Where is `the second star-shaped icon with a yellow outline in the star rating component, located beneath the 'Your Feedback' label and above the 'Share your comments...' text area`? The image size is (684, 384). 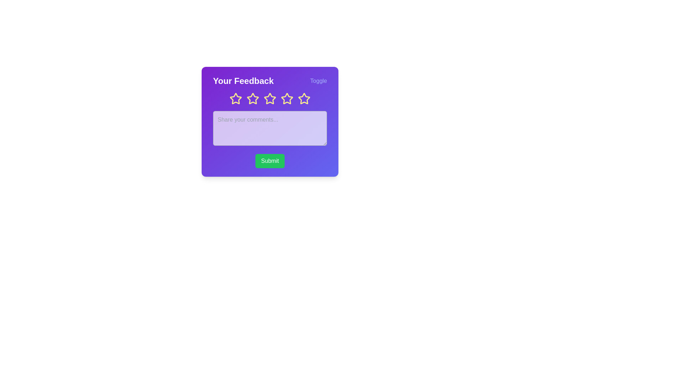
the second star-shaped icon with a yellow outline in the star rating component, located beneath the 'Your Feedback' label and above the 'Share your comments...' text area is located at coordinates (236, 98).